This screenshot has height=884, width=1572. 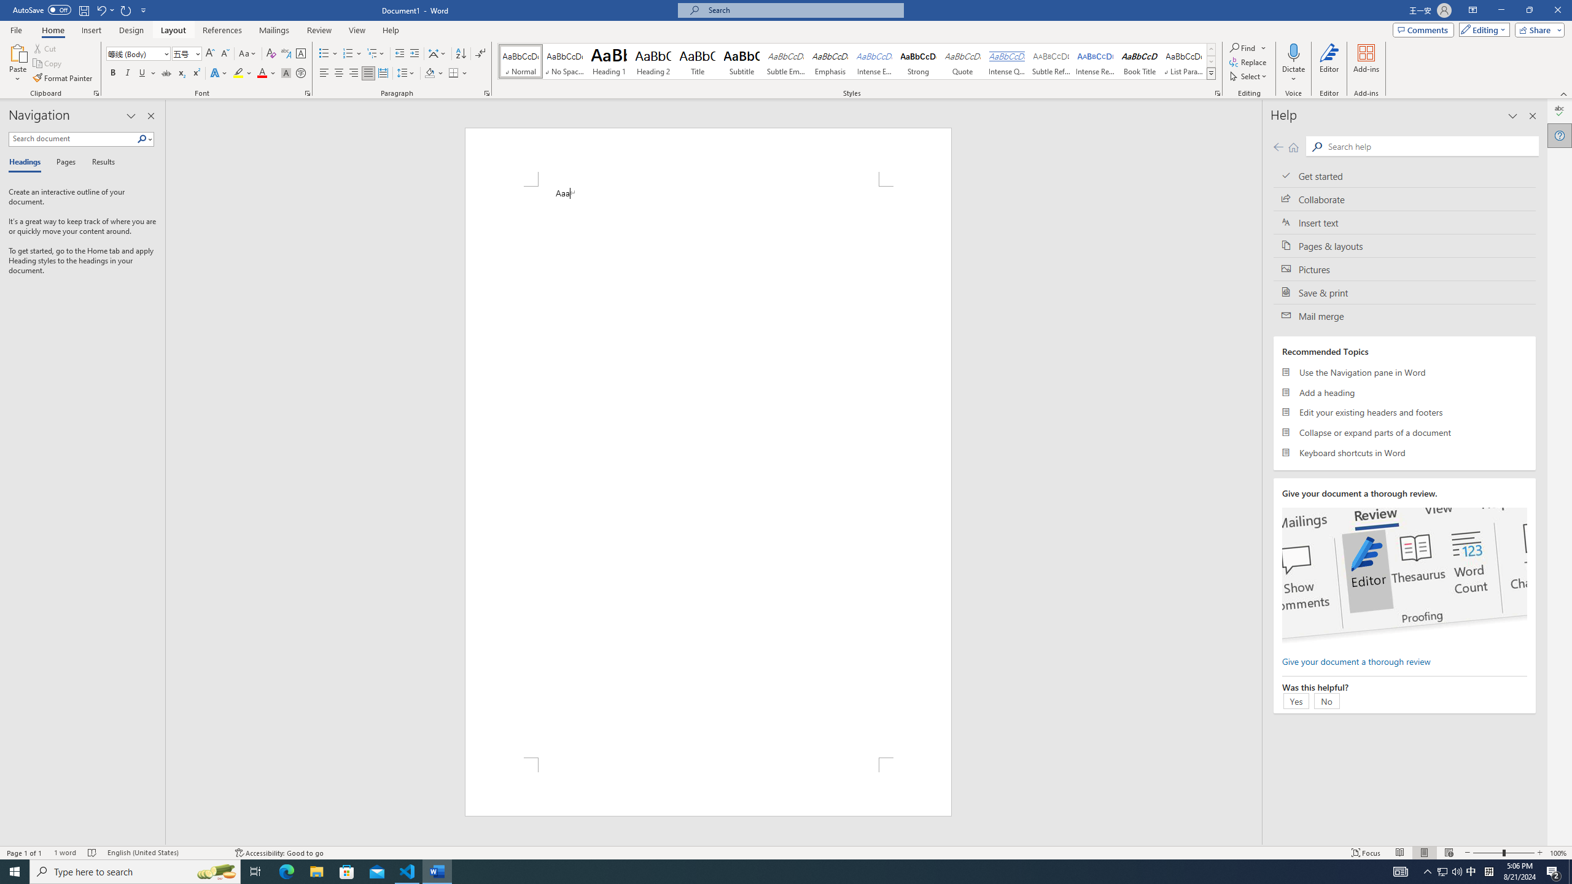 I want to click on 'Line and Paragraph Spacing', so click(x=407, y=72).